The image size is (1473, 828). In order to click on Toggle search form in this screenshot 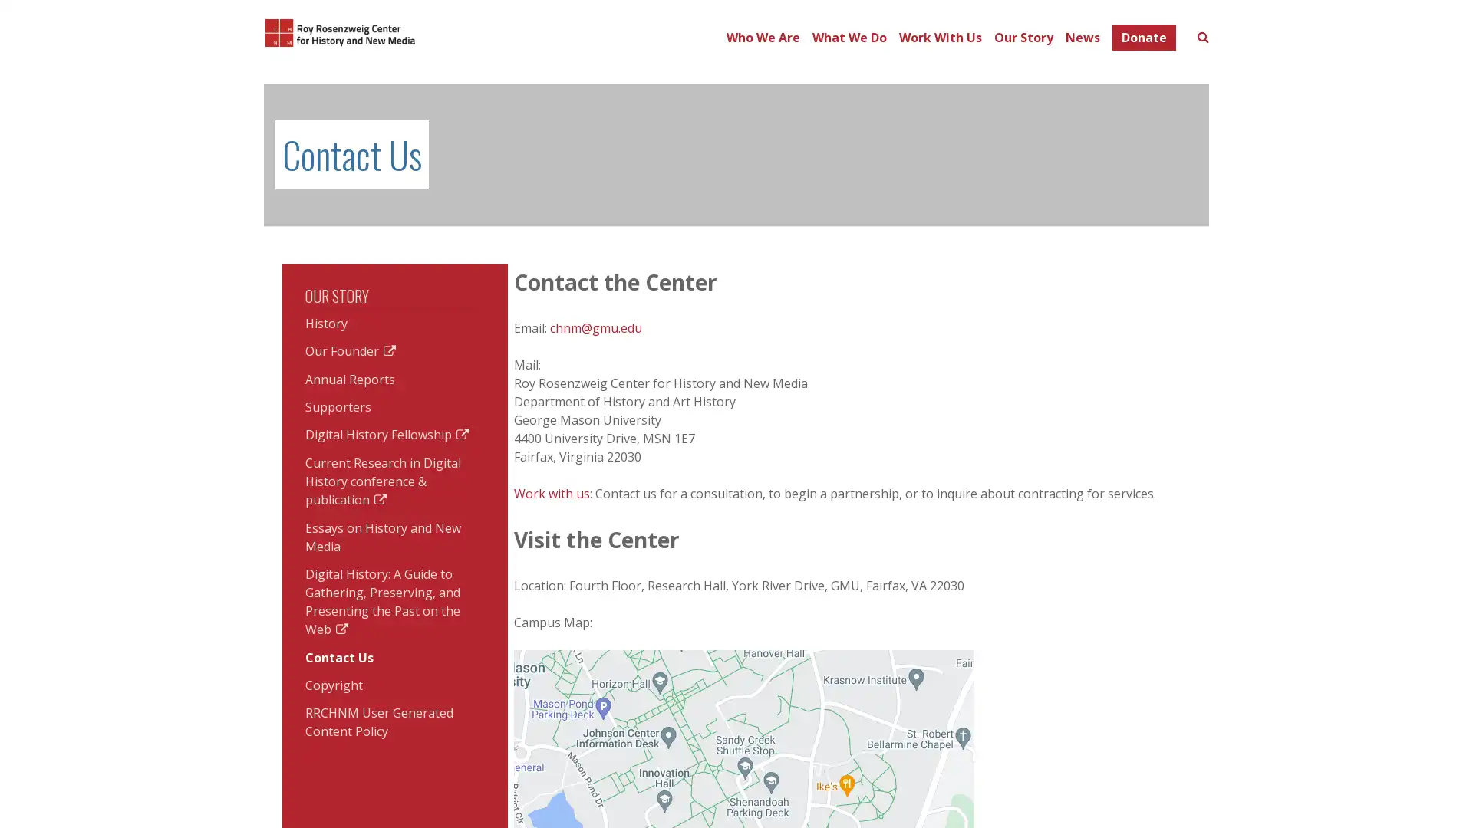, I will do `click(1202, 36)`.